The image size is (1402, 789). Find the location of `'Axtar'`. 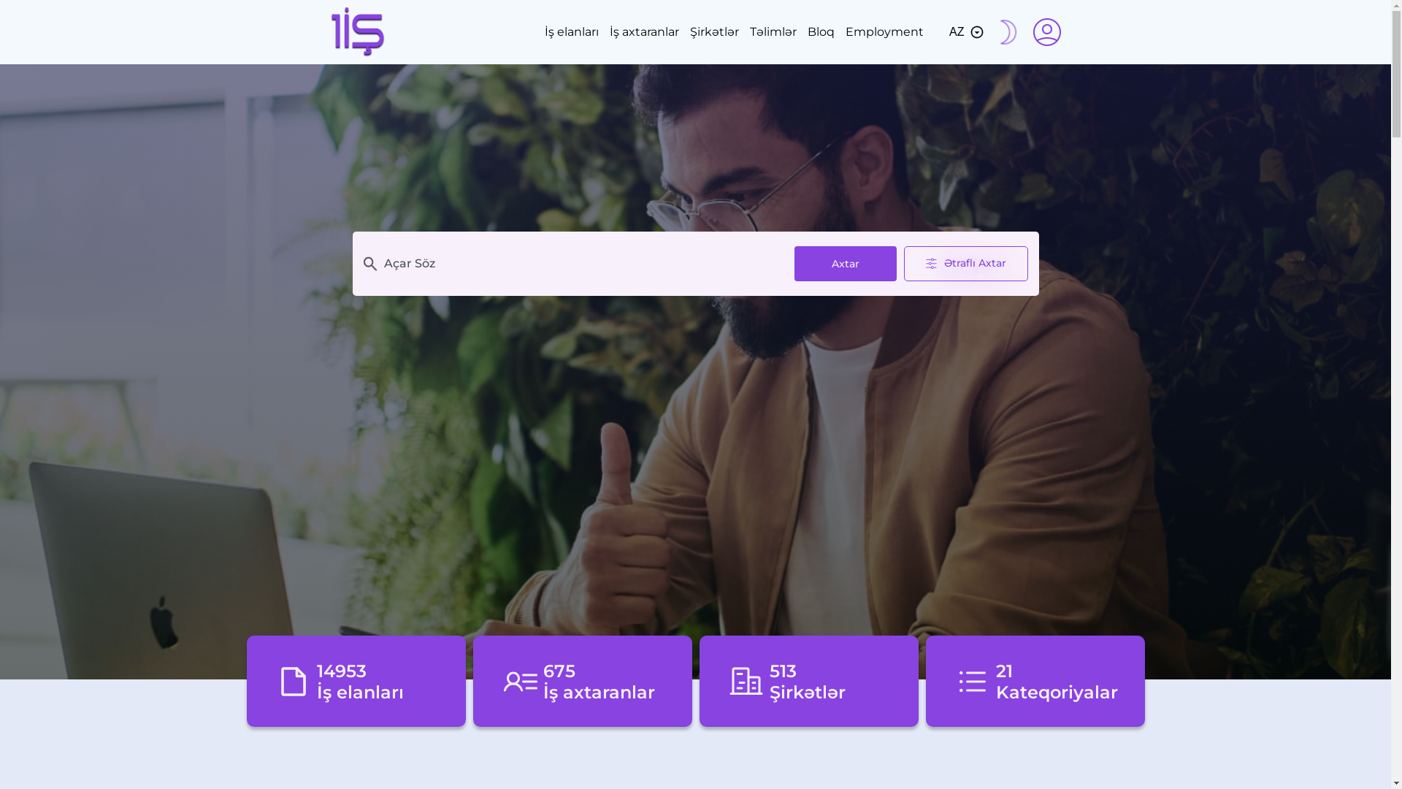

'Axtar' is located at coordinates (845, 264).